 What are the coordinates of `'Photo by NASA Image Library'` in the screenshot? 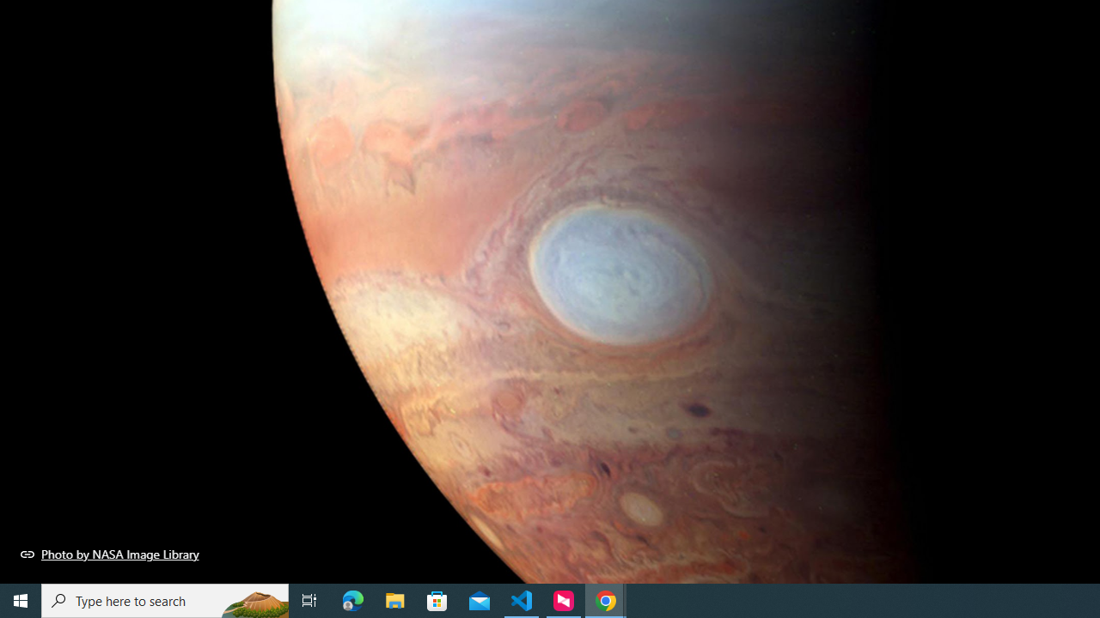 It's located at (109, 554).